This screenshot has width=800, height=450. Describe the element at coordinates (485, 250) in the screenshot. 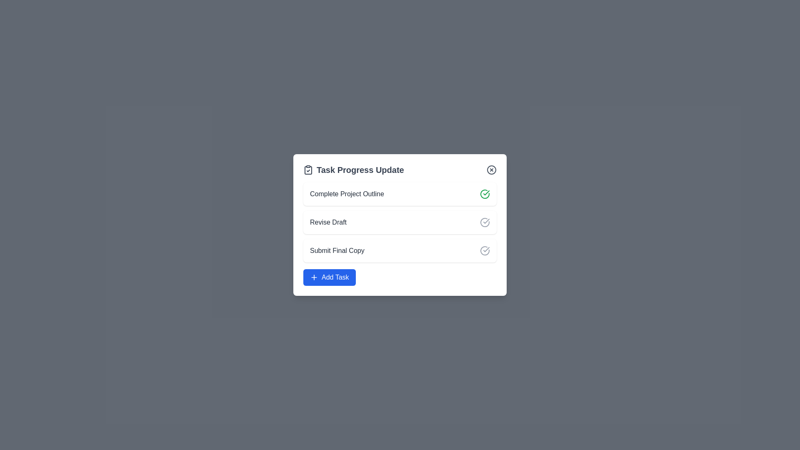

I see `the status icon indicating 'final review or submission pending' next to the 'Submit Final Copy' label` at that location.